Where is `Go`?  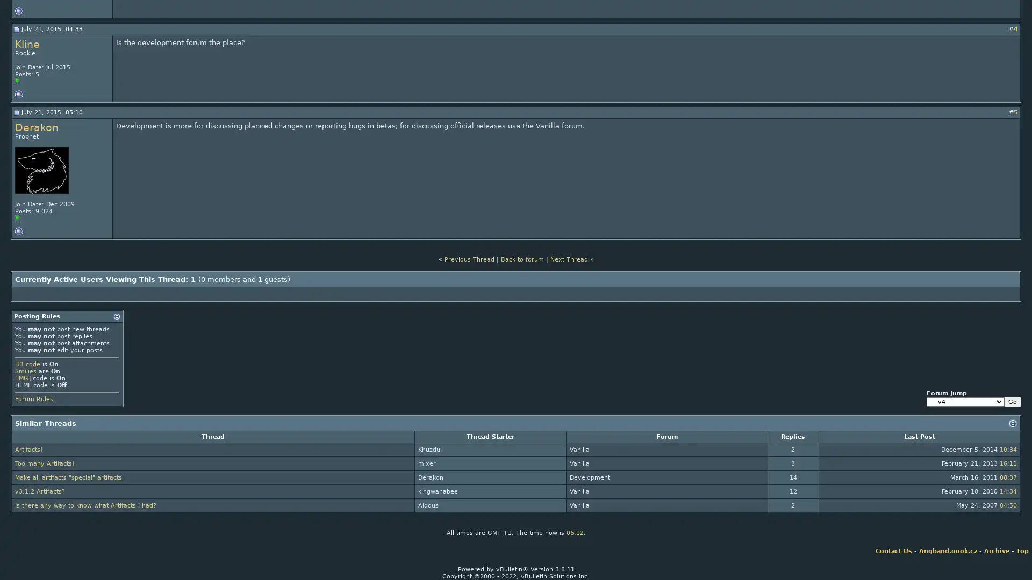 Go is located at coordinates (1012, 402).